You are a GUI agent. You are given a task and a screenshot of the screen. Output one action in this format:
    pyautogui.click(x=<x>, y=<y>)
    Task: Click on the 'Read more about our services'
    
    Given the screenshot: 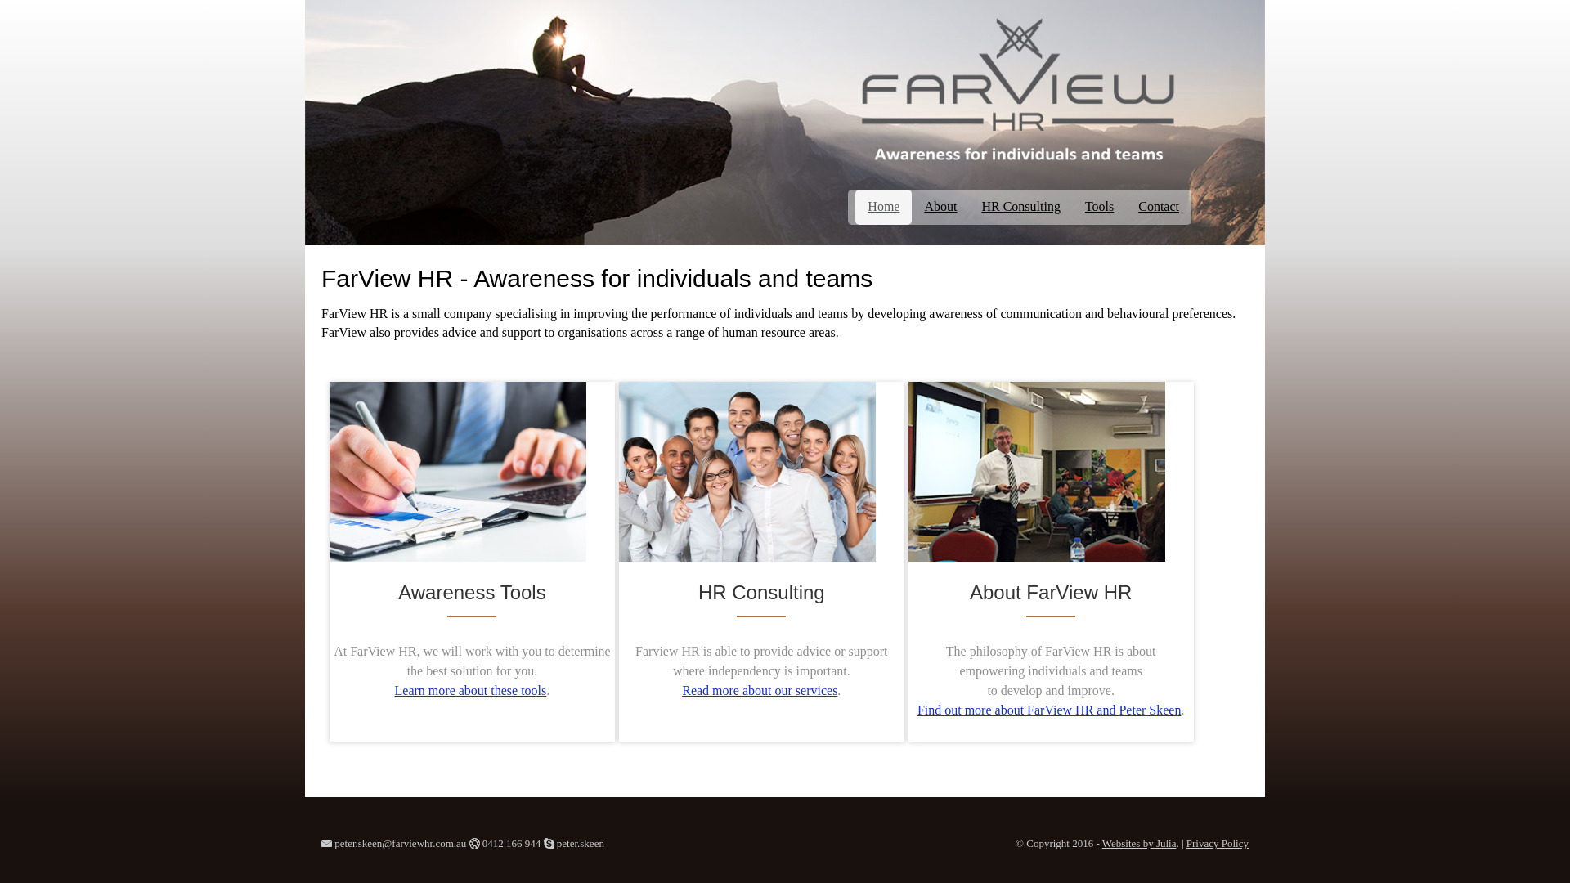 What is the action you would take?
    pyautogui.click(x=682, y=690)
    